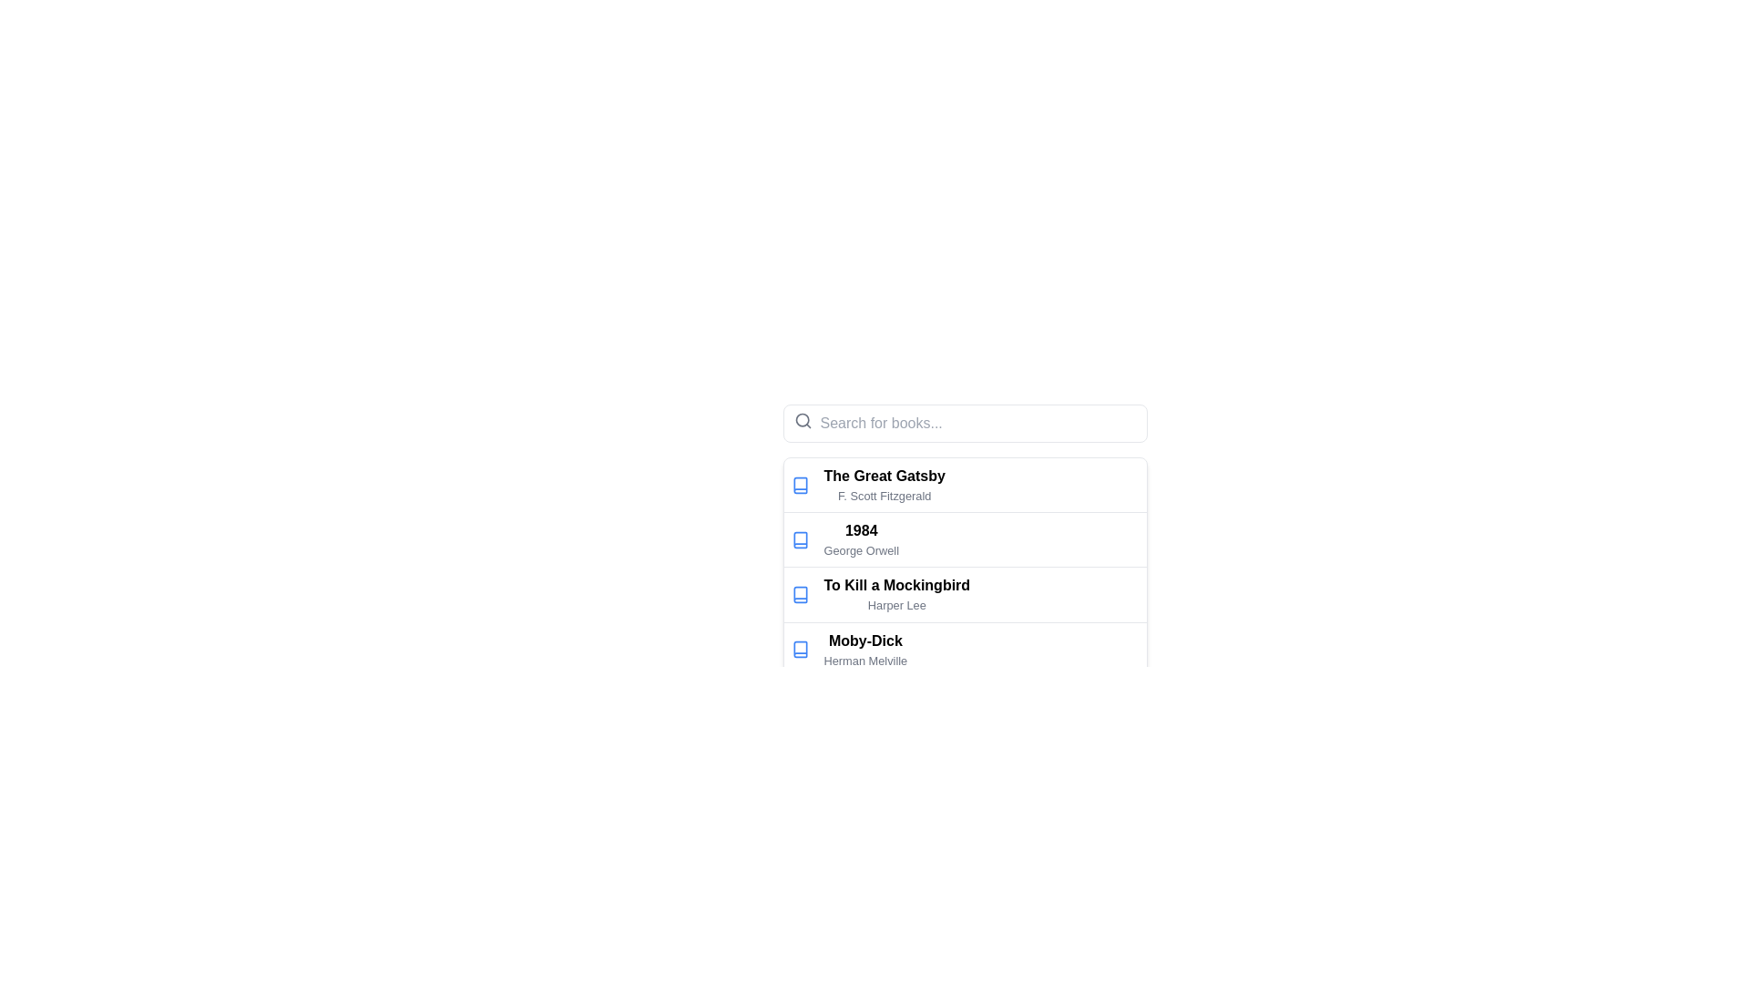 The height and width of the screenshot is (984, 1749). I want to click on the first icon representing the book item in the list, located to the far left of the title and author's name, so click(800, 484).